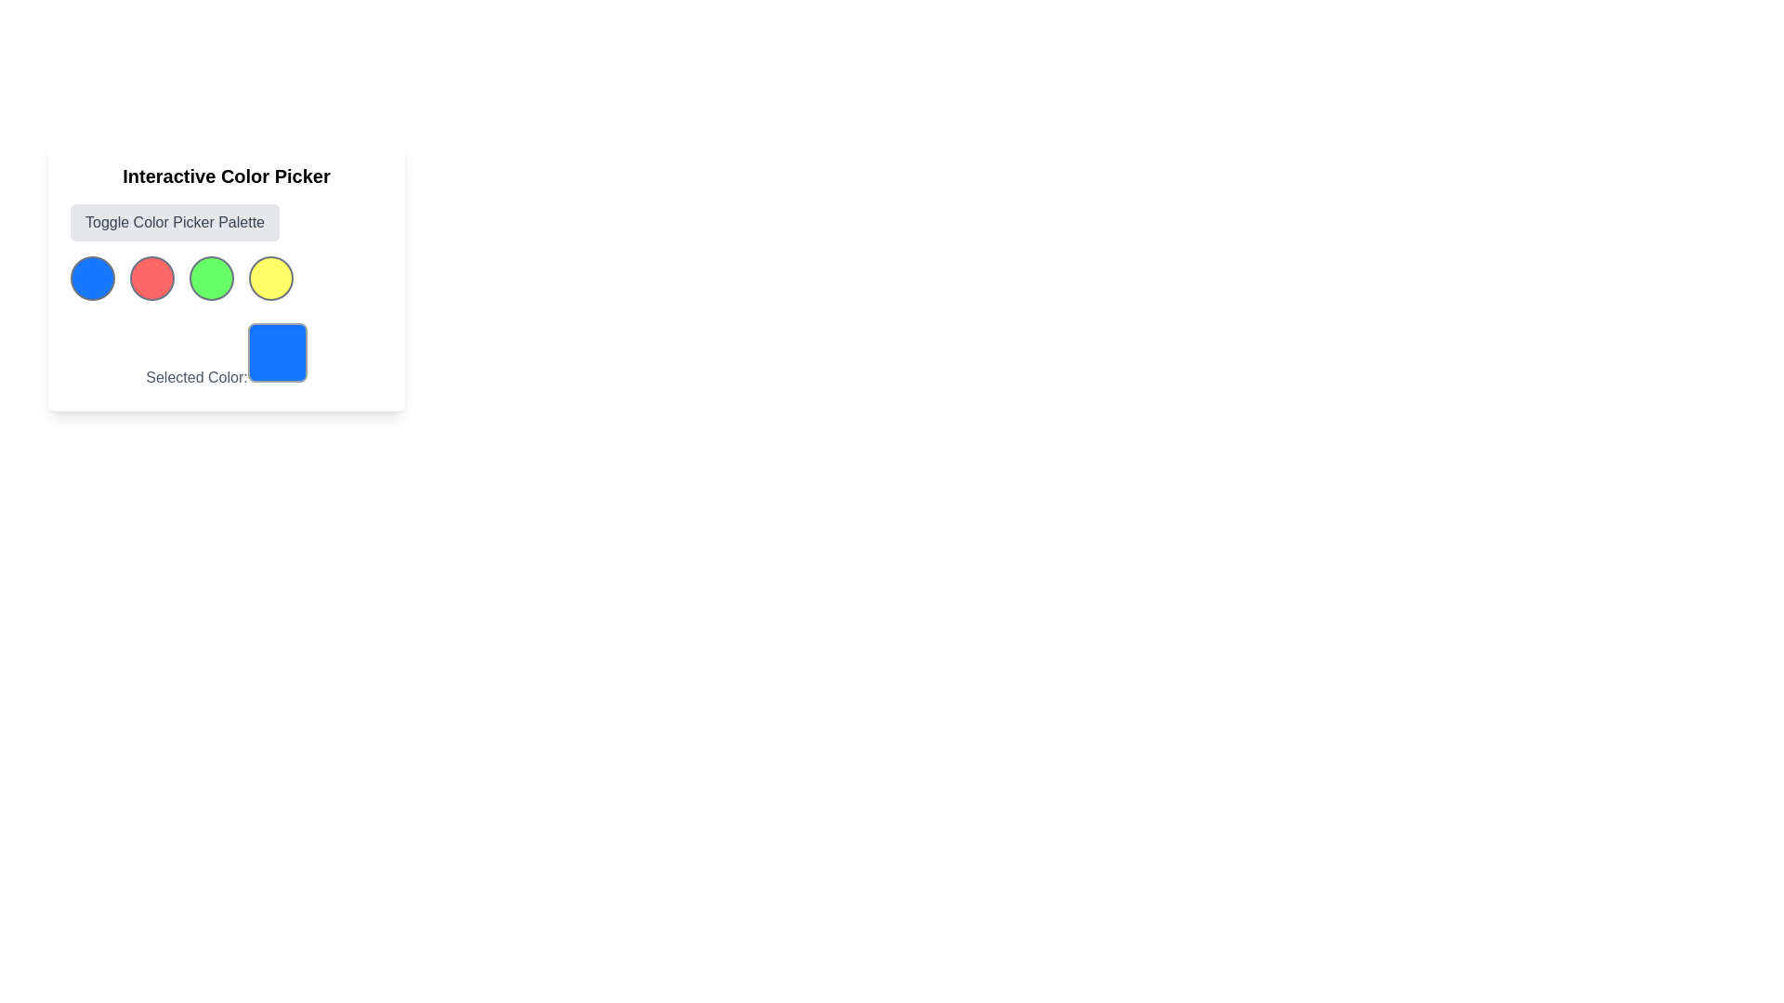 The height and width of the screenshot is (1003, 1784). I want to click on the third circular button in the horizontal row of four buttons, which allows users to select the color green in the interactive color picker tool, so click(211, 279).